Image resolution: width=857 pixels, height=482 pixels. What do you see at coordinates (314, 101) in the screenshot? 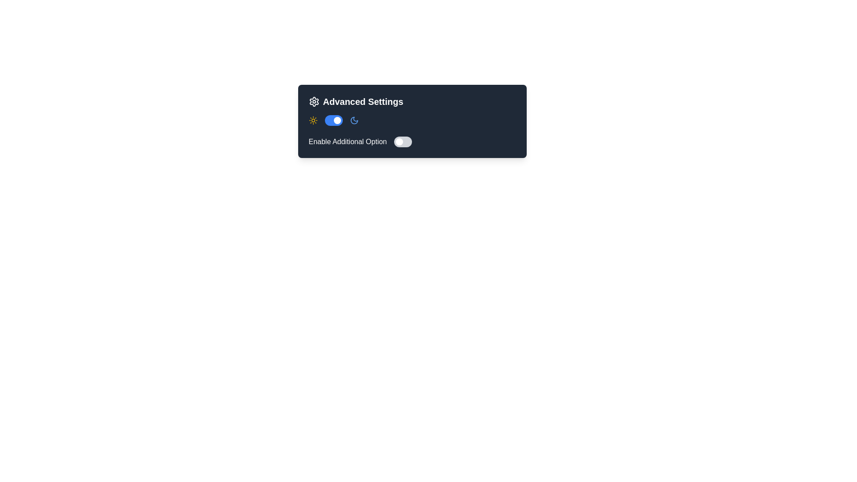
I see `the gear icon located at the top-left corner of the settings panel, preceding the heading 'Advanced Settings'` at bounding box center [314, 101].